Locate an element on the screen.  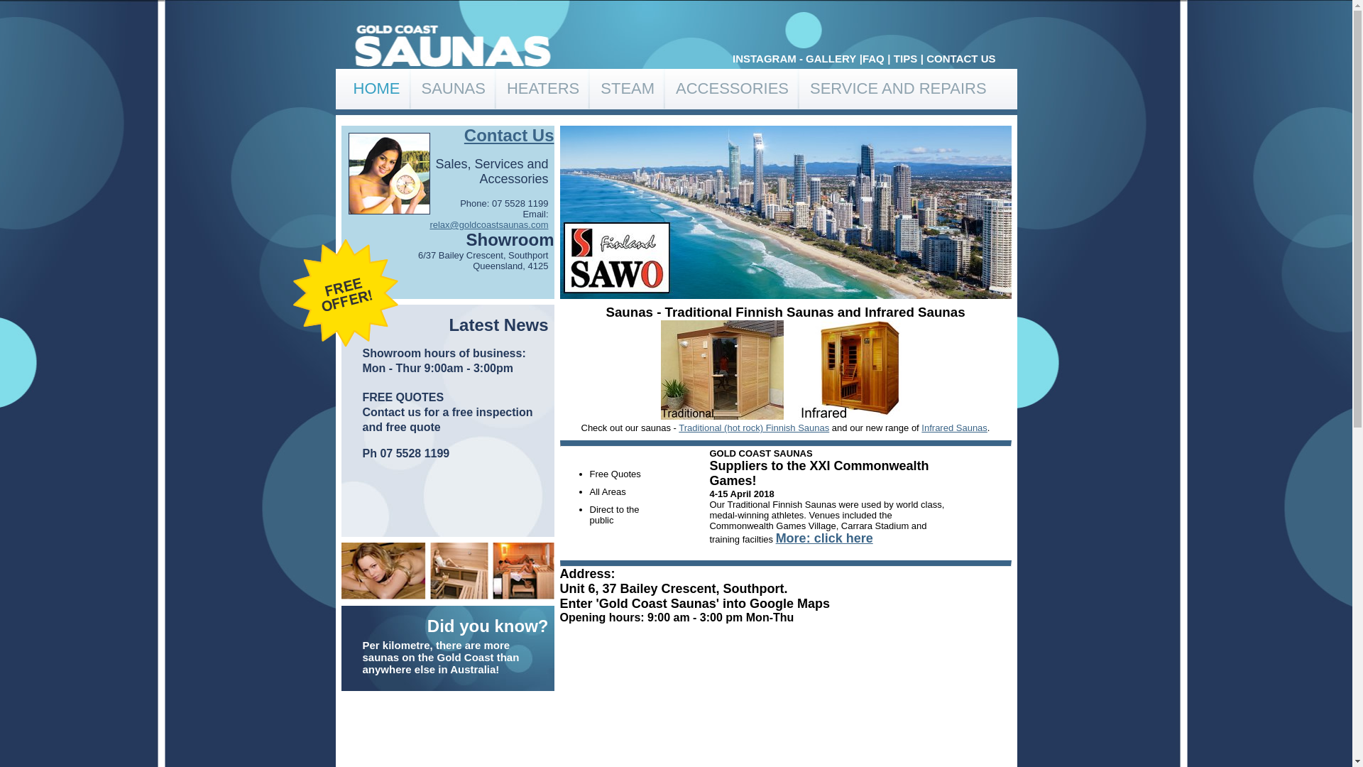
'Infrared Saunas' is located at coordinates (921, 427).